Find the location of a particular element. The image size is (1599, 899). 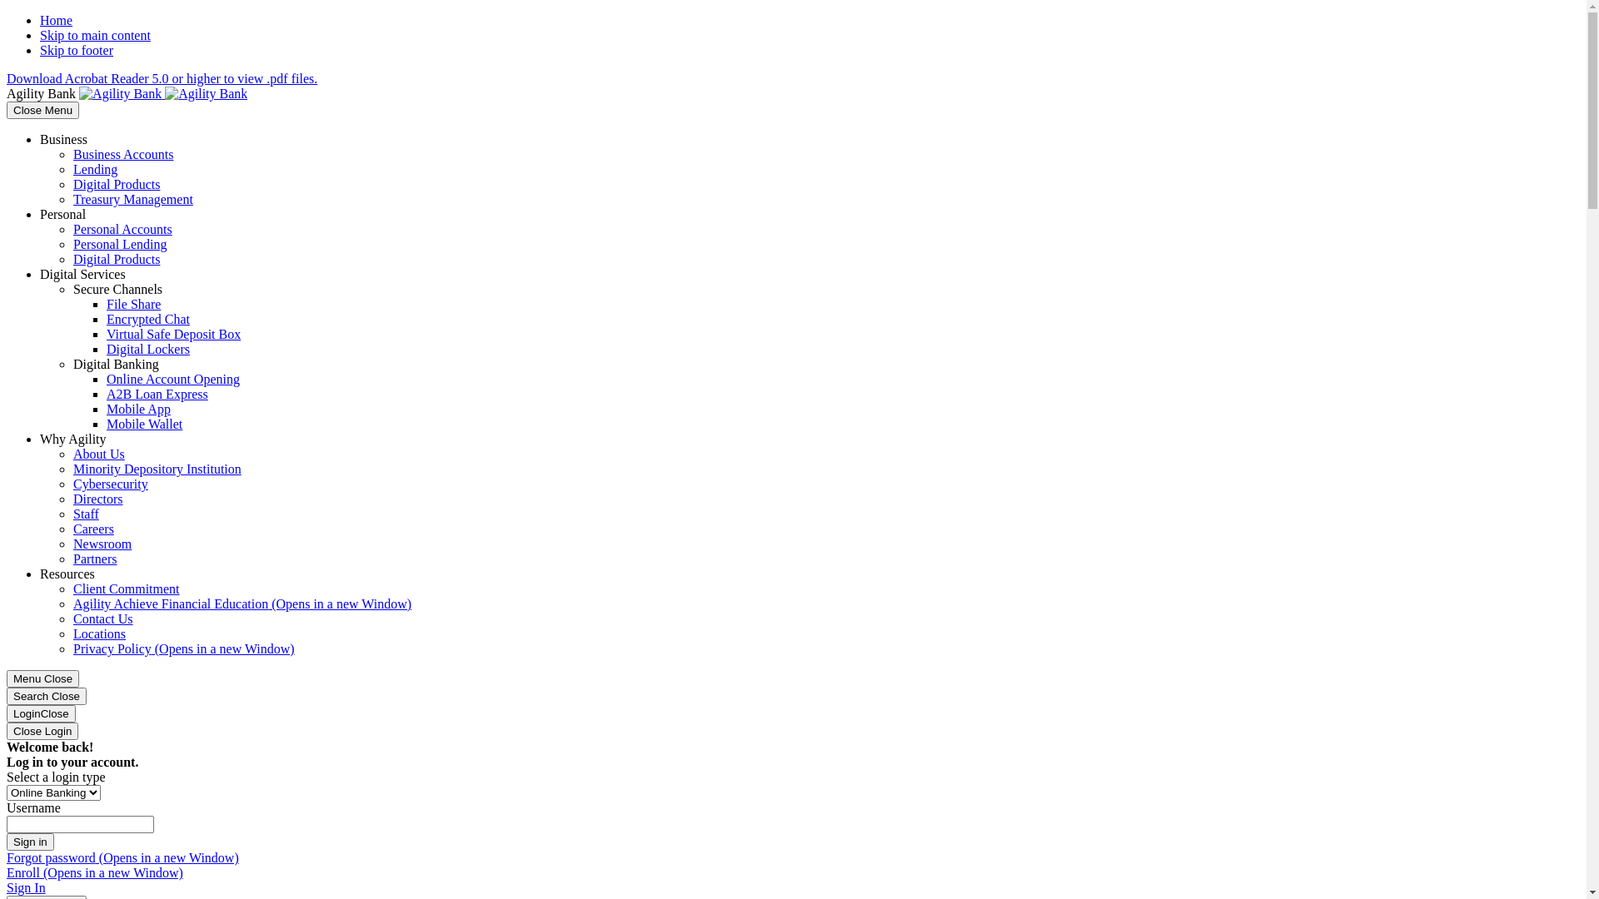

'Contact Us' is located at coordinates (102, 618).